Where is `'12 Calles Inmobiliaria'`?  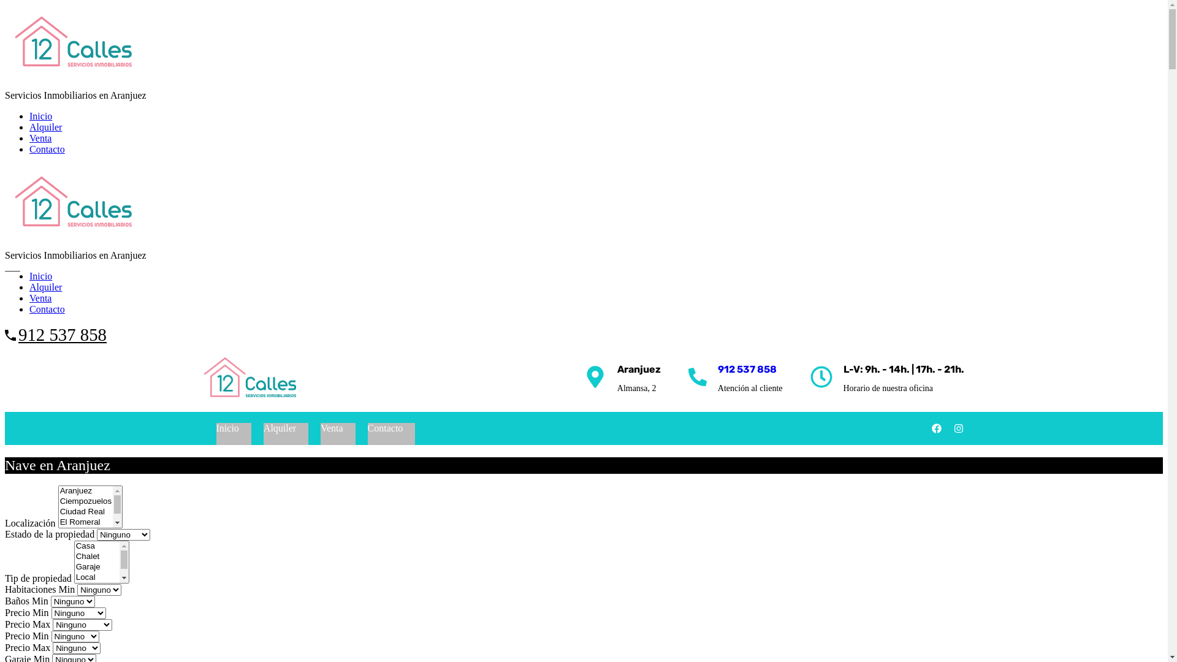 '12 Calles Inmobiliaria' is located at coordinates (5, 74).